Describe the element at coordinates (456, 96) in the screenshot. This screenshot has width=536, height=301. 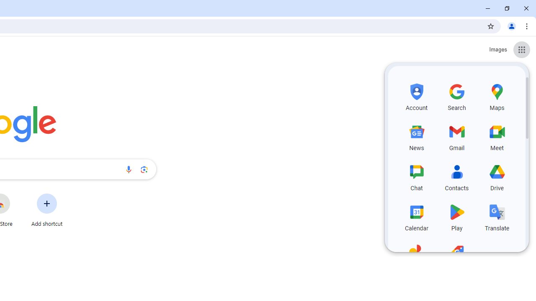
I see `'Search, row 1 of 5 and column 2 of 3 in the first section'` at that location.